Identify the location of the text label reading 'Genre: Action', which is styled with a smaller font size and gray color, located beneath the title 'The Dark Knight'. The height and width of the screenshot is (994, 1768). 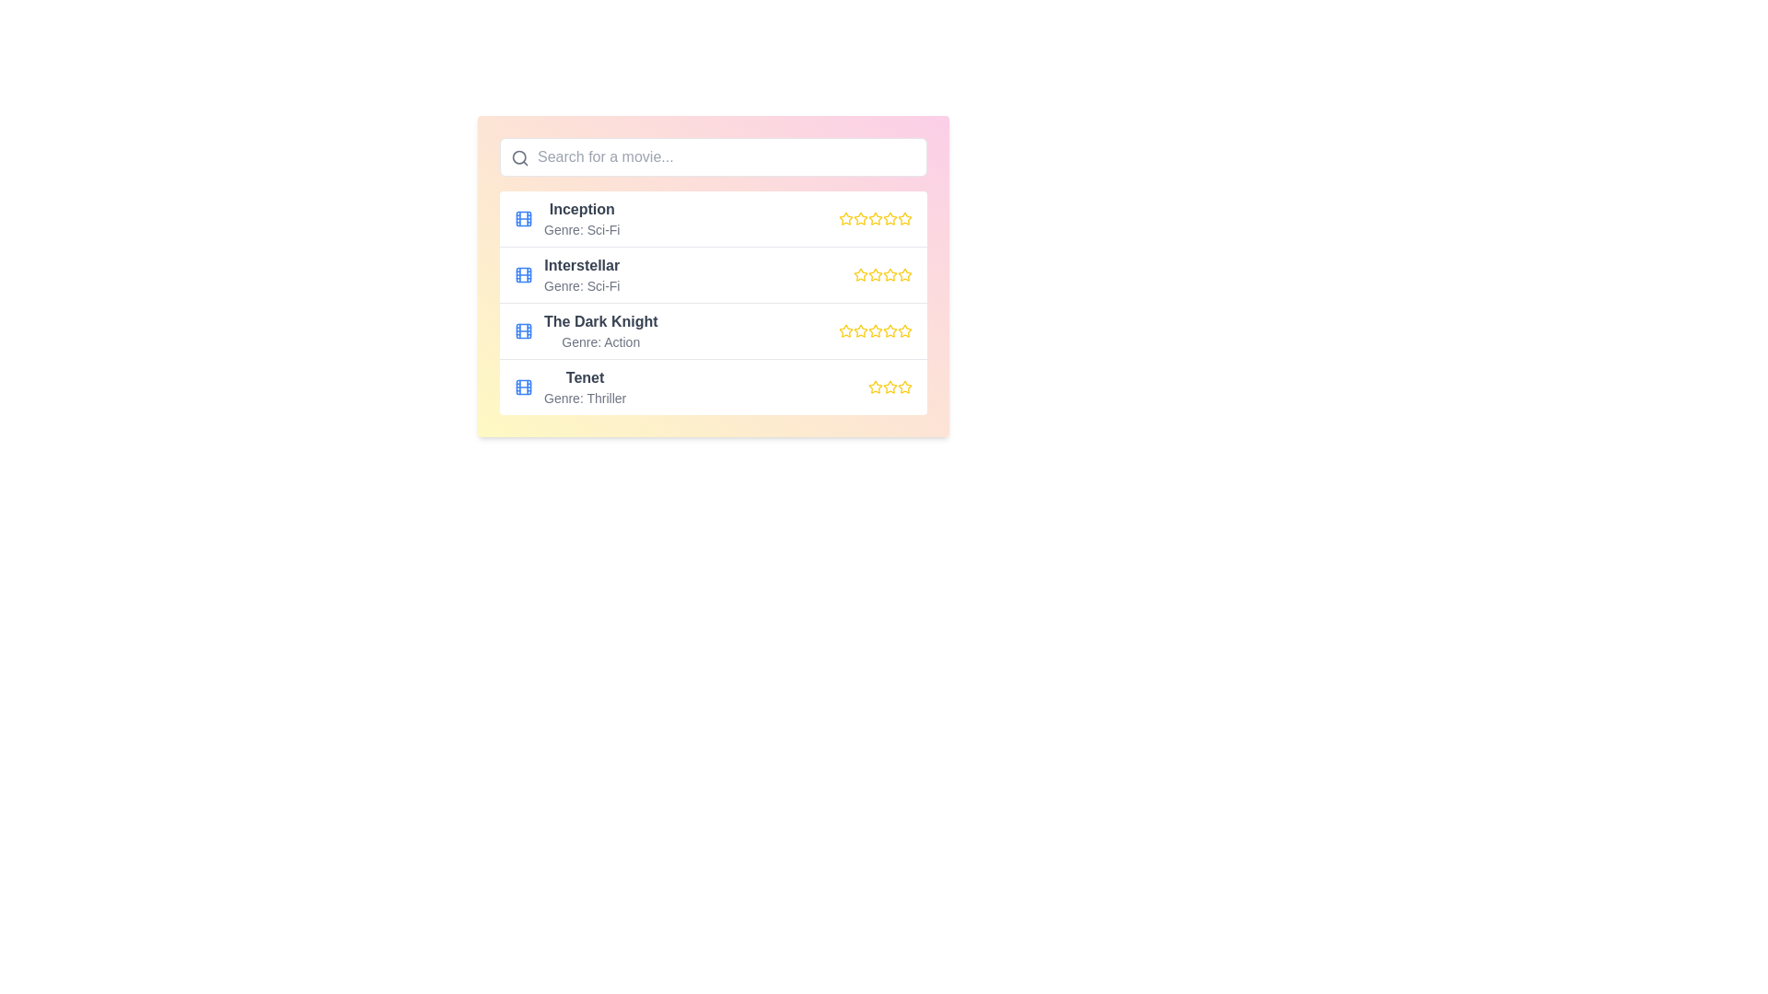
(600, 341).